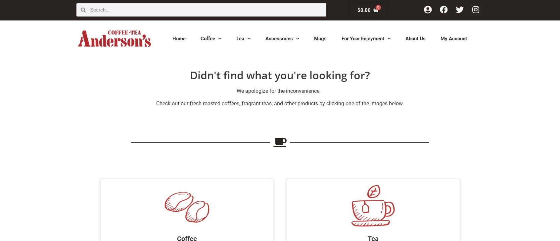  I want to click on 'My Account', so click(454, 38).